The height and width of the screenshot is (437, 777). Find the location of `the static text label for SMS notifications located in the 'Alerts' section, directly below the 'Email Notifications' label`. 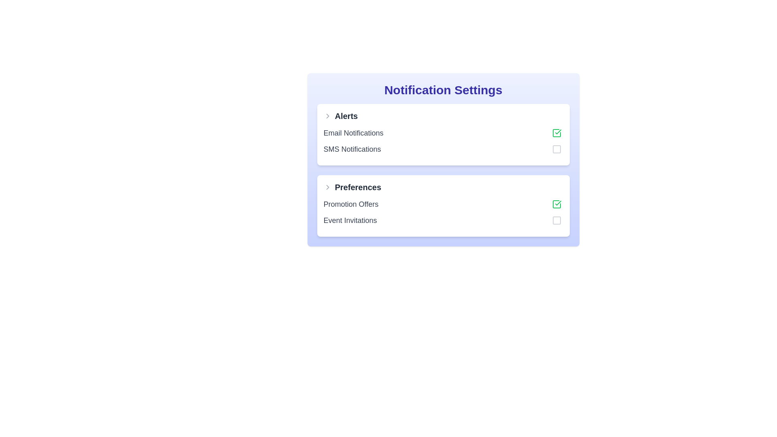

the static text label for SMS notifications located in the 'Alerts' section, directly below the 'Email Notifications' label is located at coordinates (352, 149).